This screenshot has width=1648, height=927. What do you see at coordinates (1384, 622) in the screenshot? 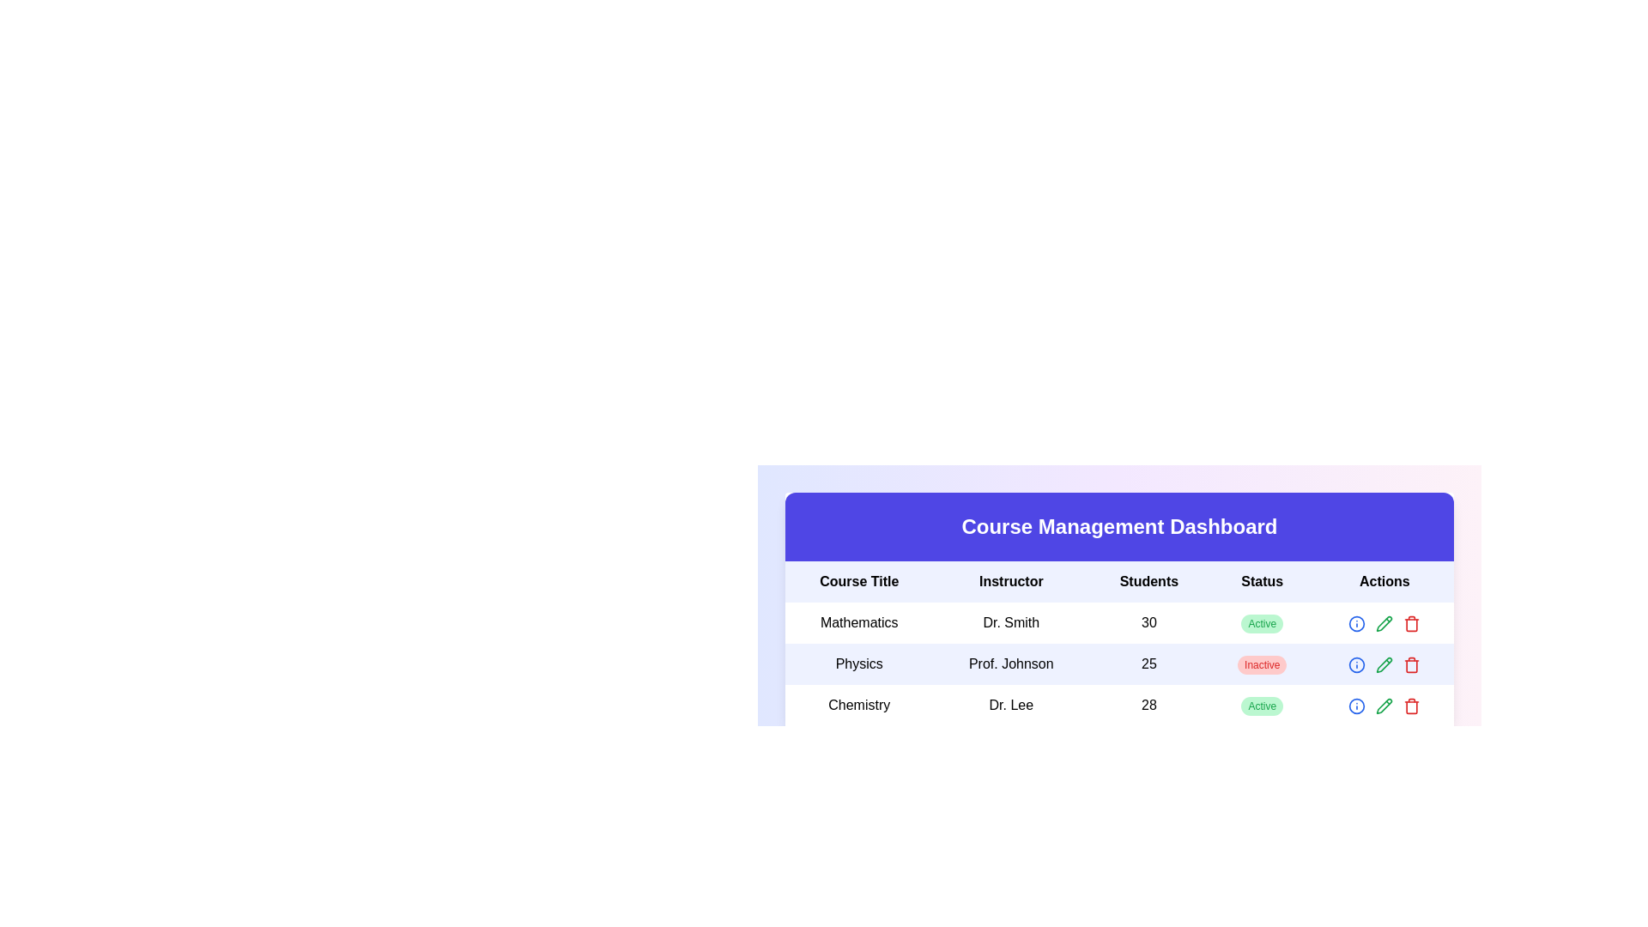
I see `the edit icon in the 'Actions' column of the second row in the table for the course 'Physics' taught by 'Prof. Johnson'` at bounding box center [1384, 622].